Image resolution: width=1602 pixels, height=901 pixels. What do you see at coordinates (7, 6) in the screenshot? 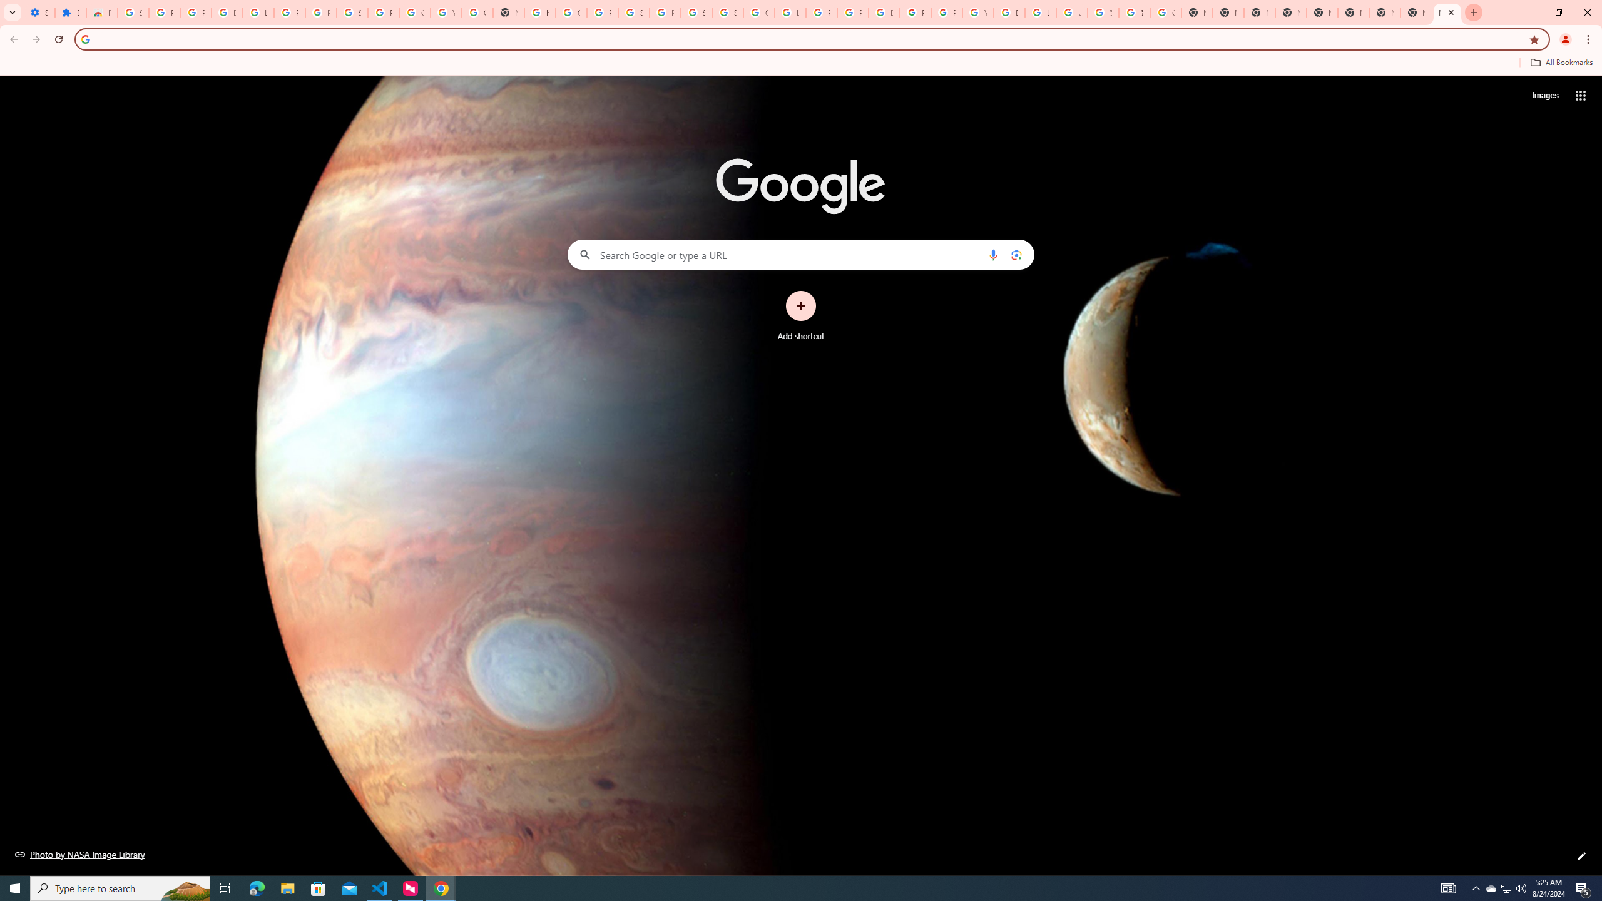
I see `'System'` at bounding box center [7, 6].